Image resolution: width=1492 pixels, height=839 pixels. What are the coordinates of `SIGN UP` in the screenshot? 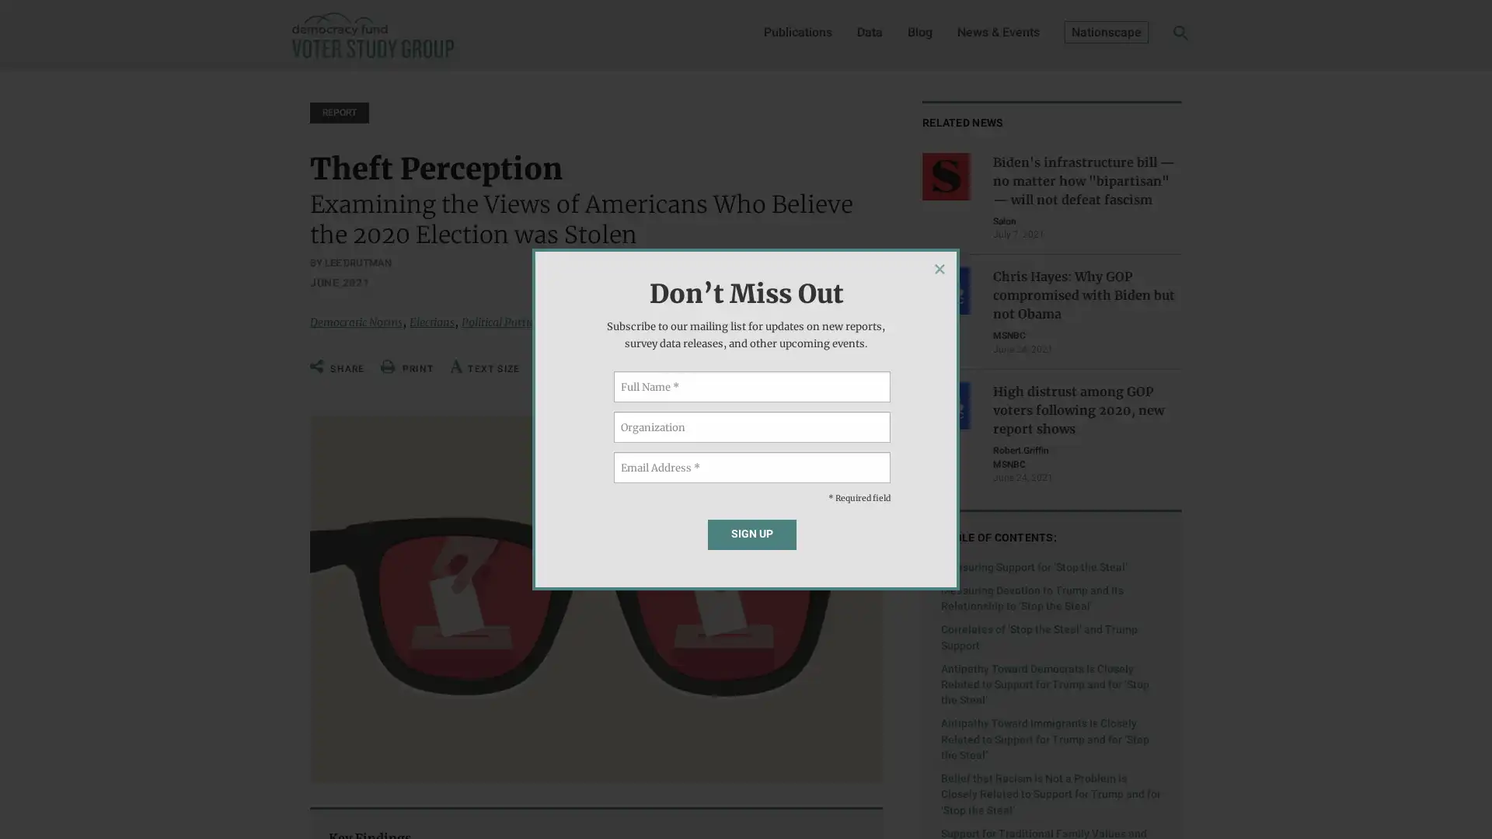 It's located at (751, 533).